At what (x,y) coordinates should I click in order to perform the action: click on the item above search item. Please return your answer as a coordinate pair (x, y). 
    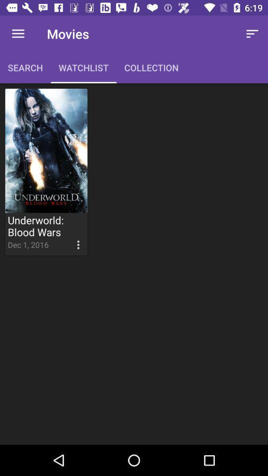
    Looking at the image, I should click on (18, 34).